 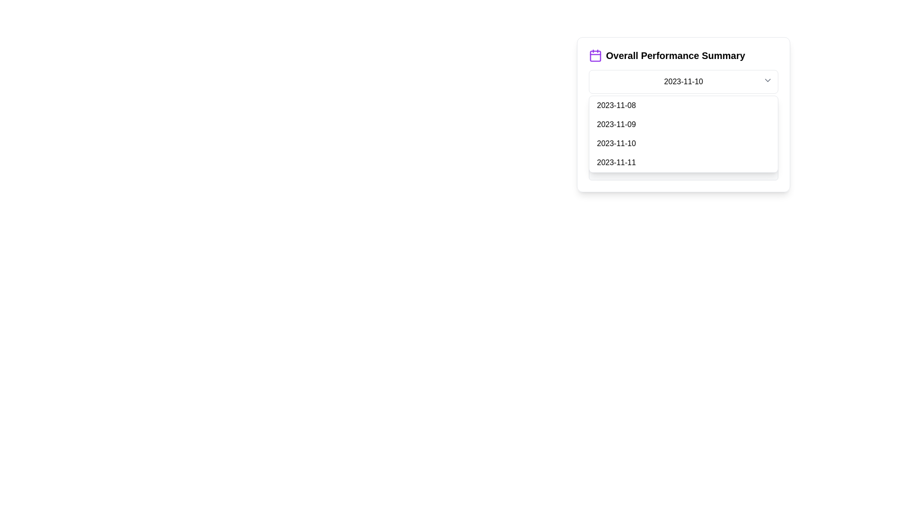 I want to click on the second selectable item in the dropdown menu, so click(x=683, y=124).